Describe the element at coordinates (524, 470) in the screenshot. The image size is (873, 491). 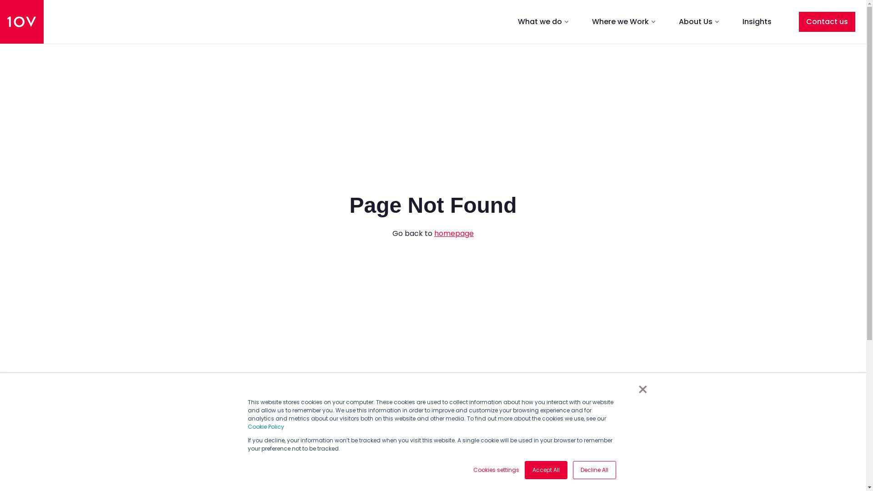
I see `'Accept All'` at that location.